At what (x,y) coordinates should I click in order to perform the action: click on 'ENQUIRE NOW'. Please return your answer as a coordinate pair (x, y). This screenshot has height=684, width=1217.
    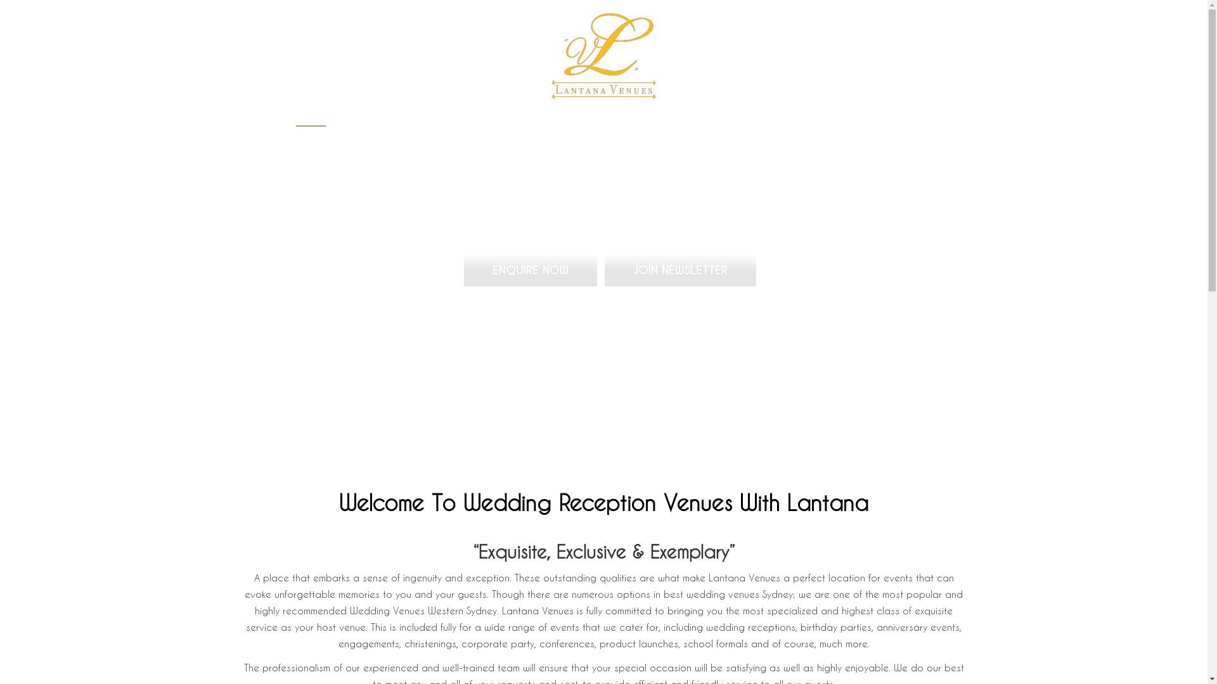
    Looking at the image, I should click on (529, 269).